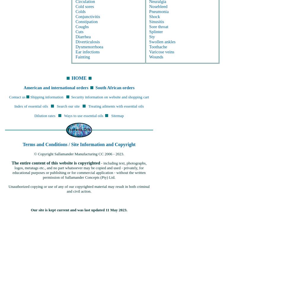 This screenshot has width=290, height=291. Describe the element at coordinates (76, 56) in the screenshot. I see `'Fainting'` at that location.